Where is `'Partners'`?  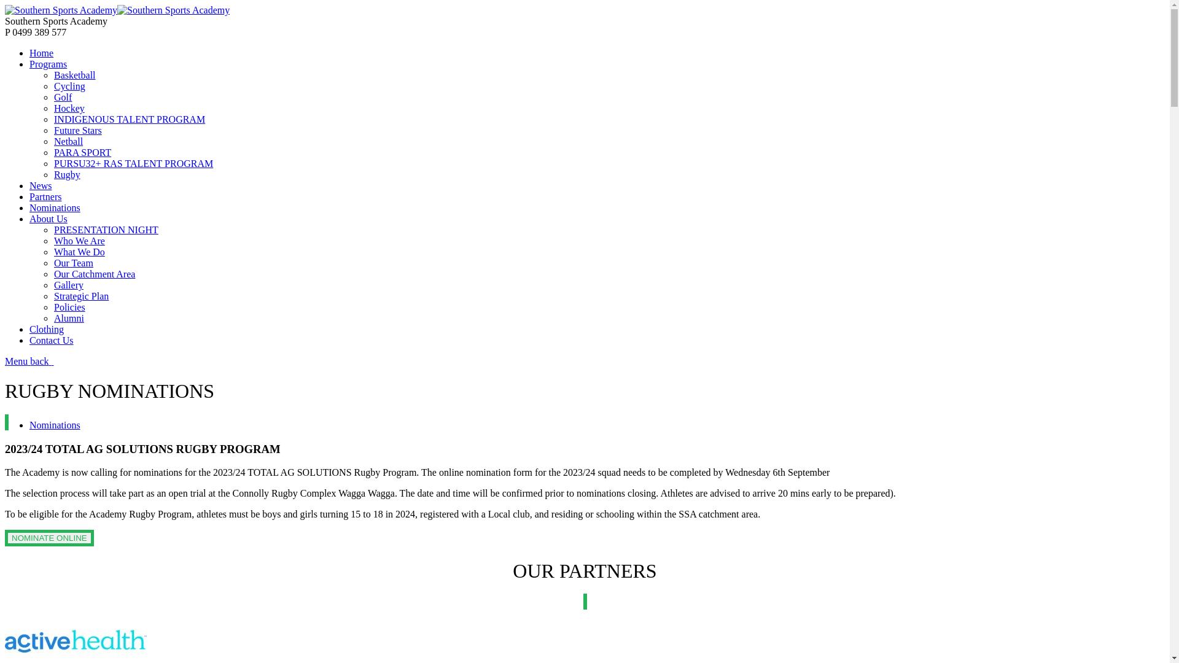 'Partners' is located at coordinates (45, 196).